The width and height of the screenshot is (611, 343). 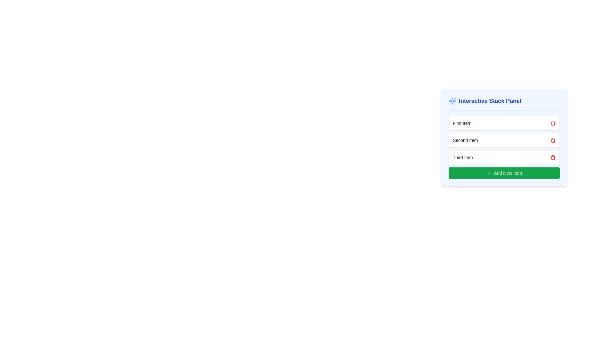 I want to click on the delete button icon located to the far right of the 'First Item' entry in the list panel, so click(x=552, y=123).